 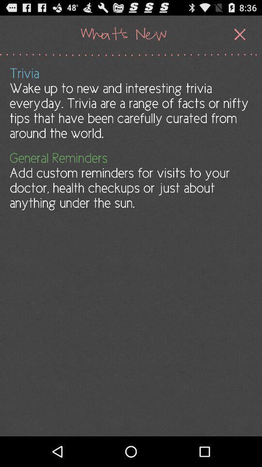 What do you see at coordinates (130, 103) in the screenshot?
I see `trivia wake up` at bounding box center [130, 103].